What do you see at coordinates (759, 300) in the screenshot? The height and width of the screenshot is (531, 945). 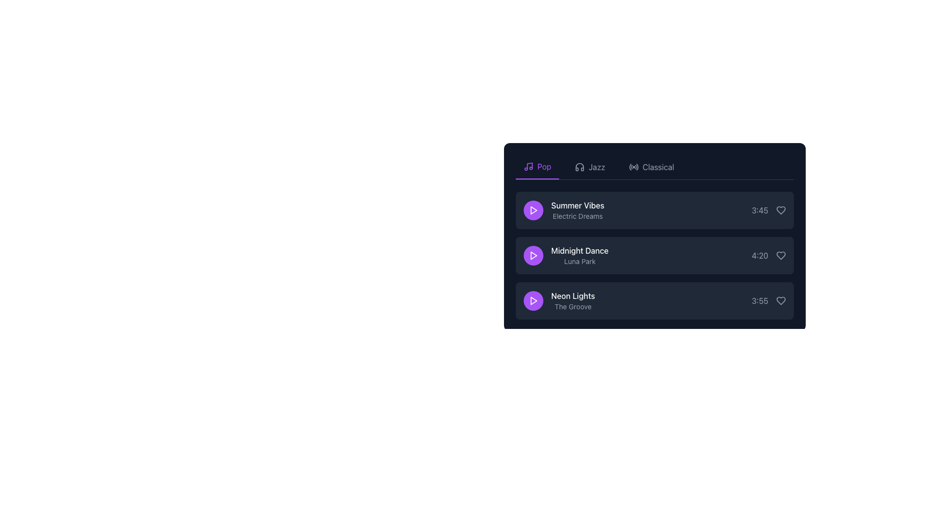 I see `the text label displaying '3:55' in gray color, which is aligned to the right side of the horizontal track item row within a dark-themed interface` at bounding box center [759, 300].